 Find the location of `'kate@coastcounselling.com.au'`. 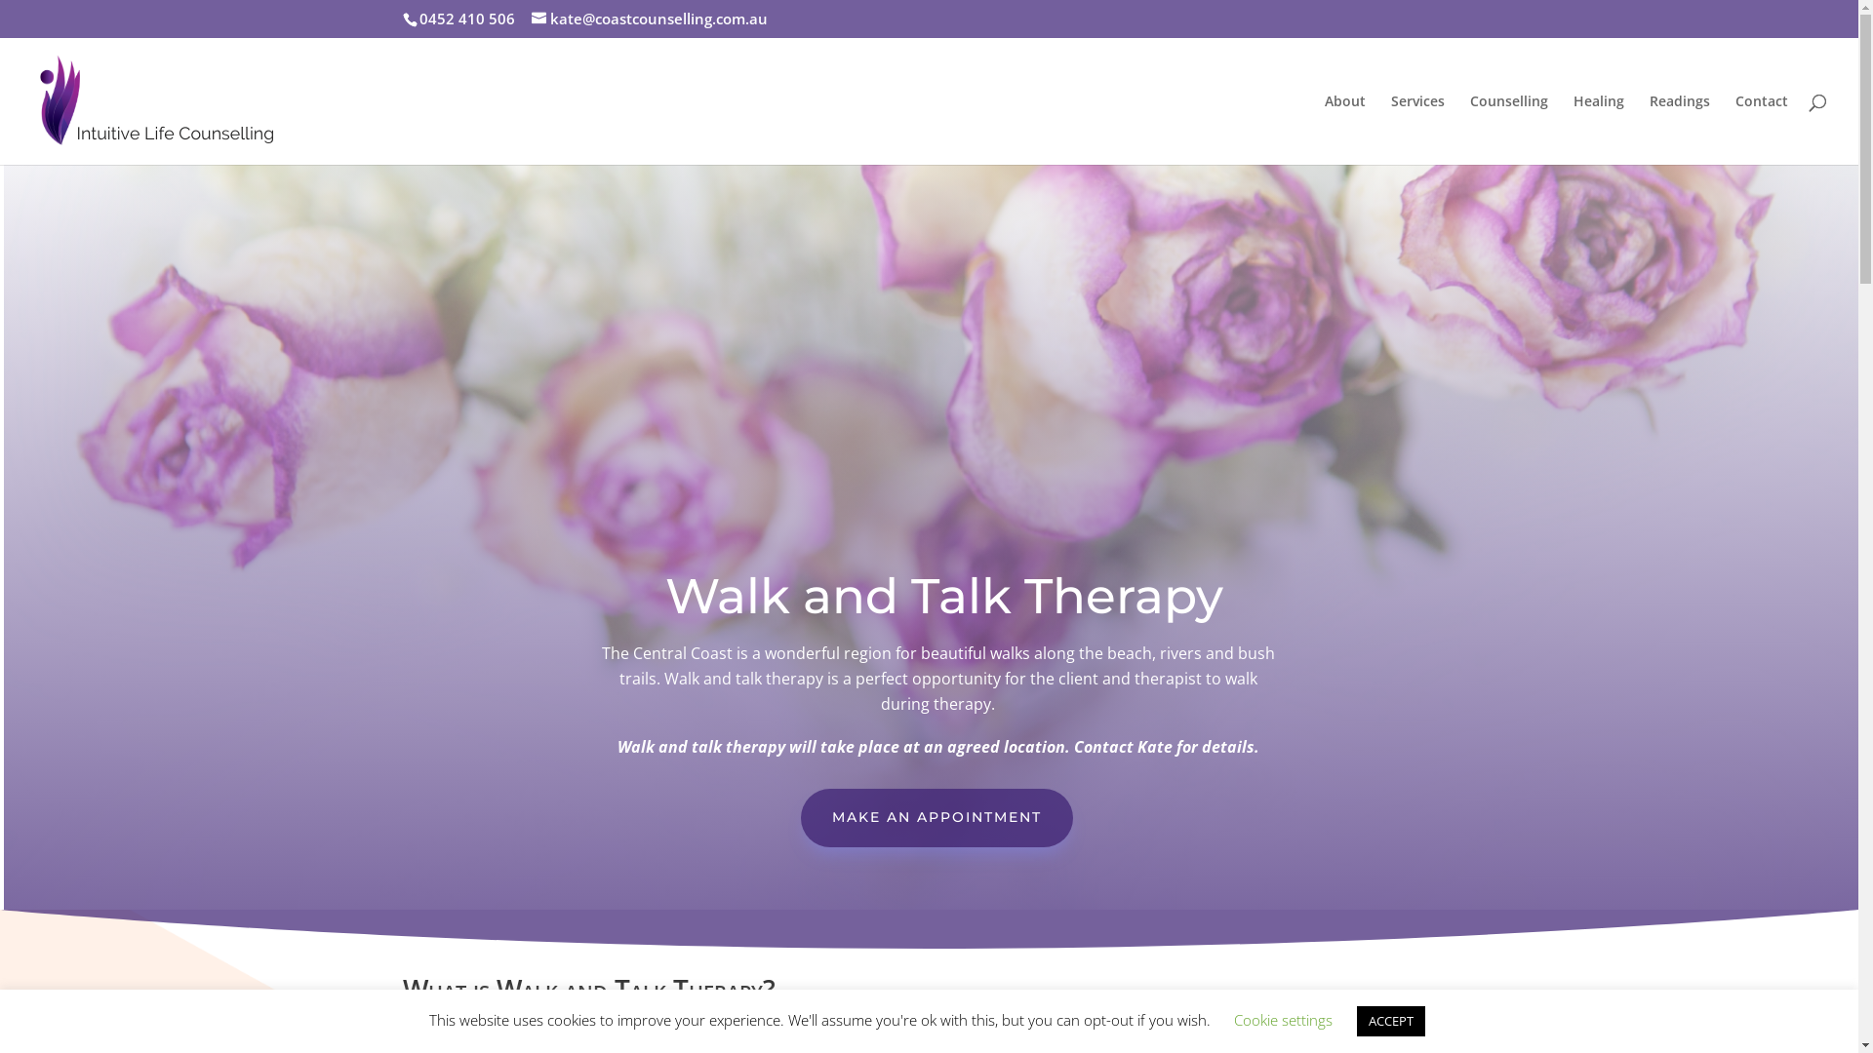

'kate@coastcounselling.com.au' is located at coordinates (649, 19).